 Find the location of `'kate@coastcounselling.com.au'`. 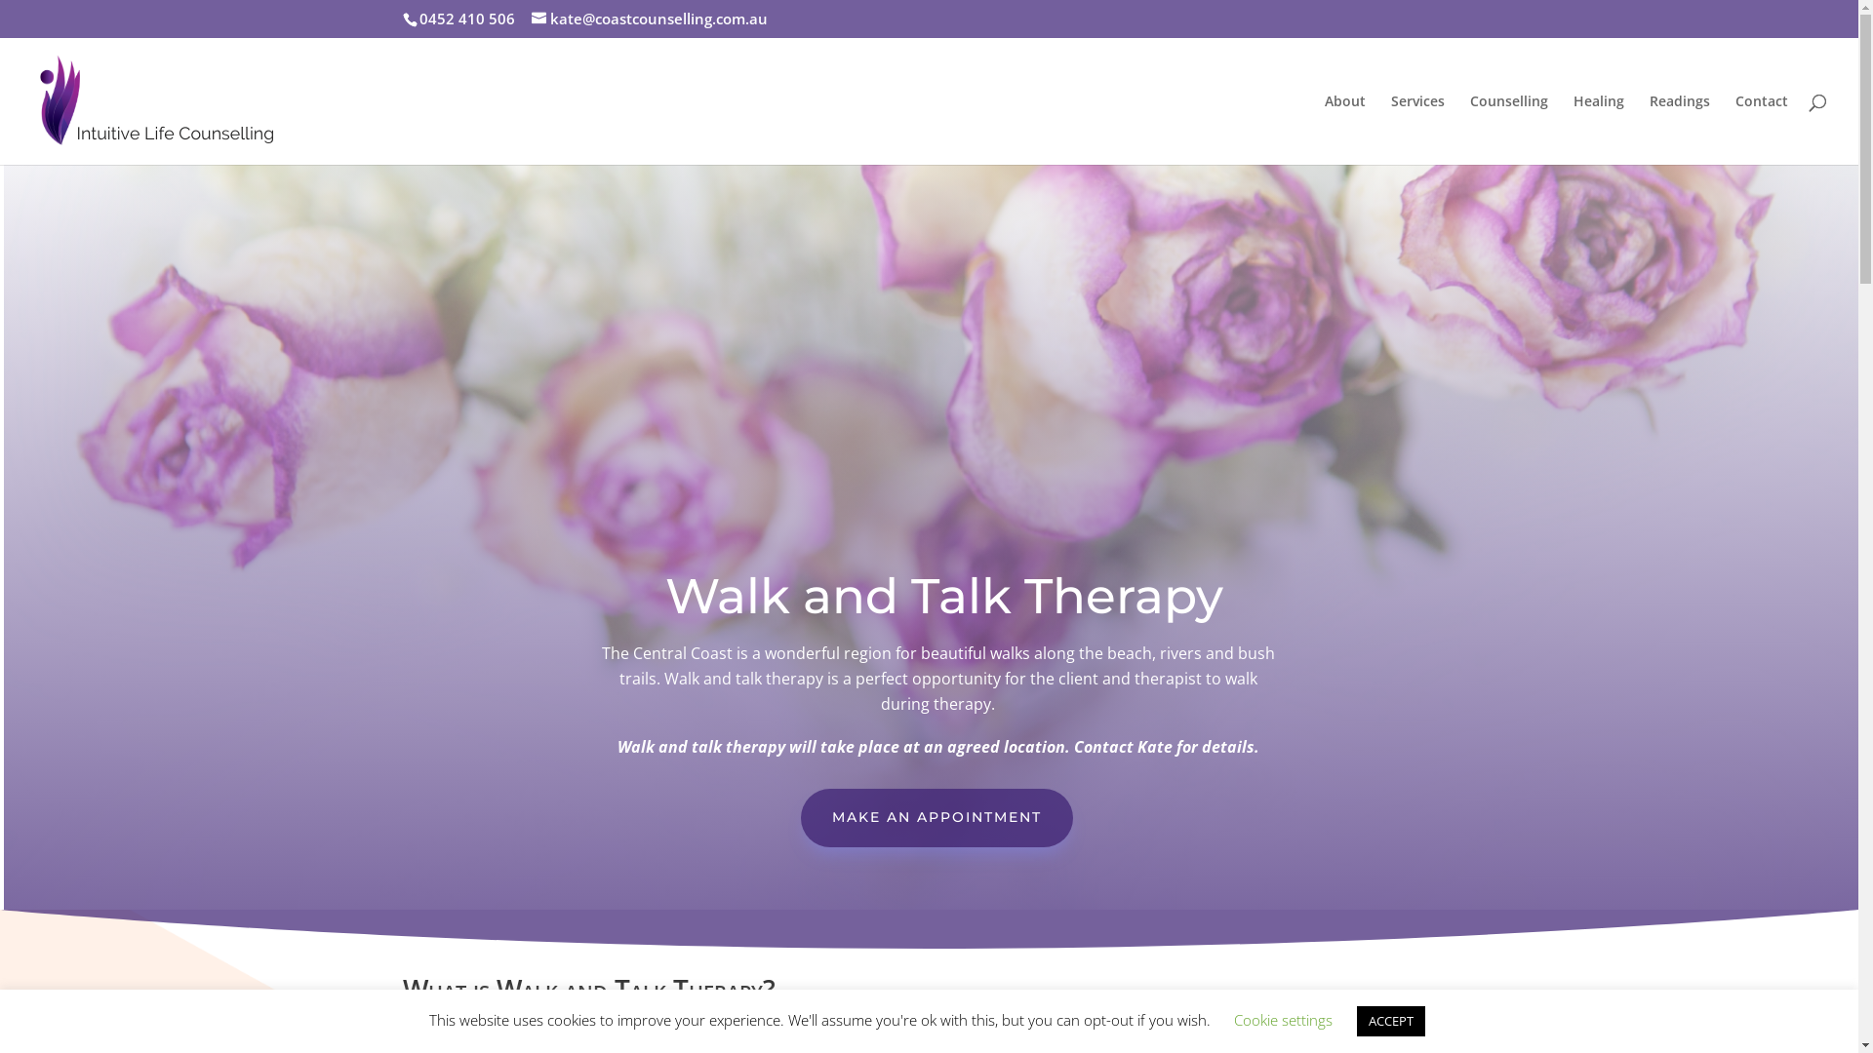

'kate@coastcounselling.com.au' is located at coordinates (649, 19).